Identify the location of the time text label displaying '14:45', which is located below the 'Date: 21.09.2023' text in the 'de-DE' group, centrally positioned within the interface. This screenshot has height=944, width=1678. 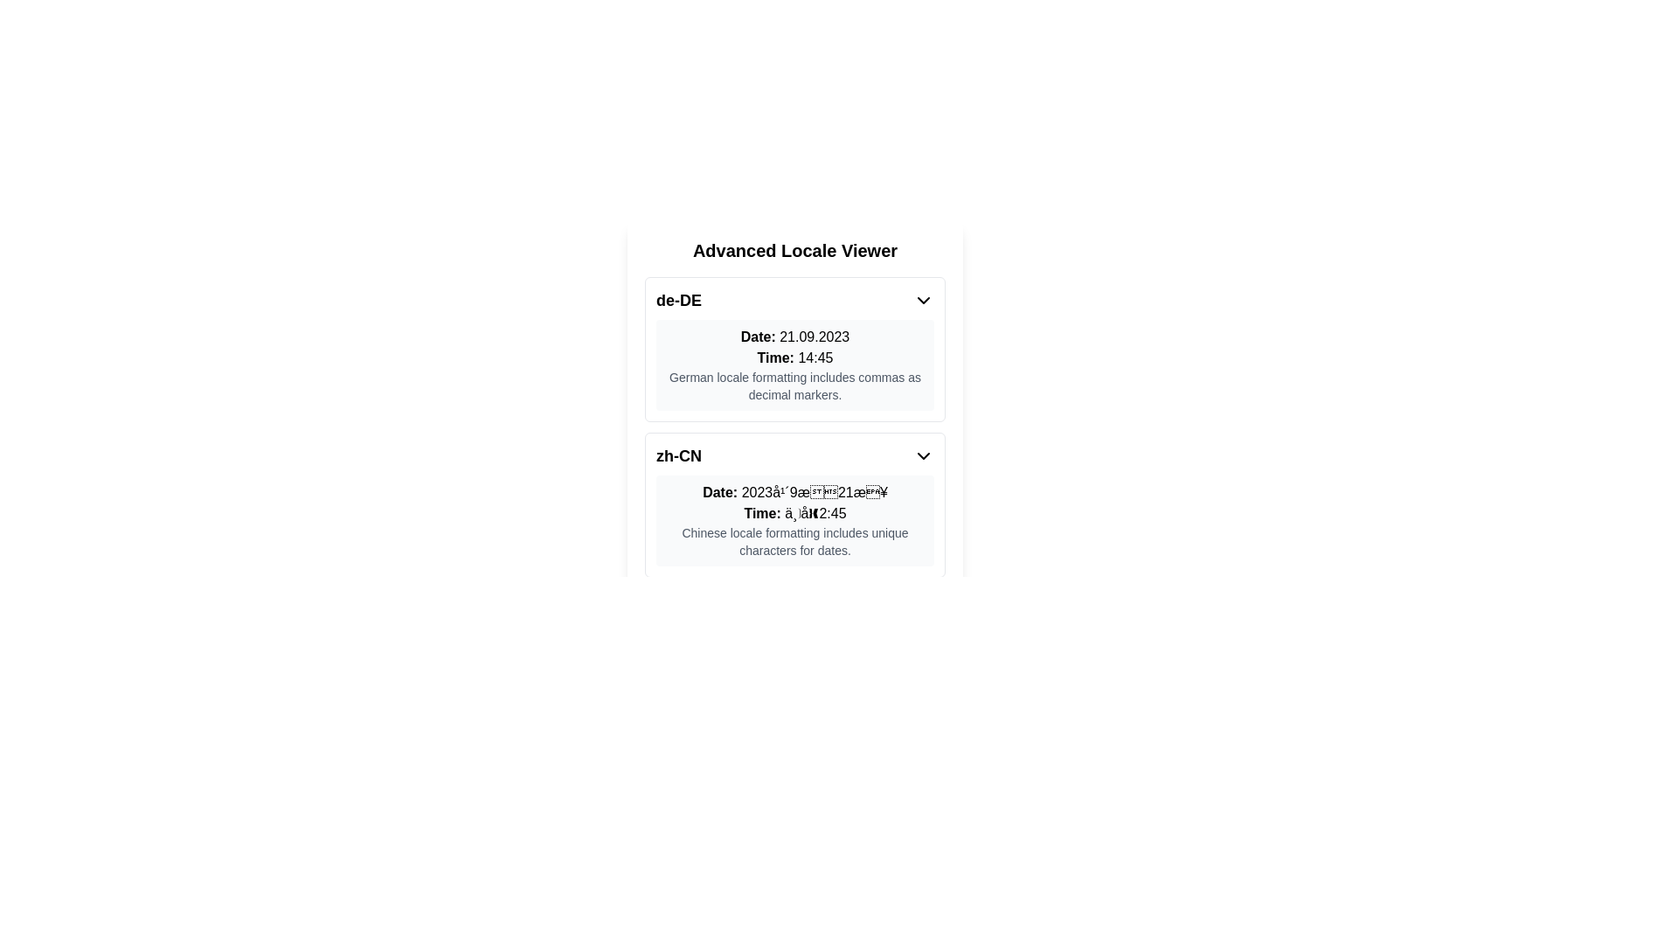
(794, 357).